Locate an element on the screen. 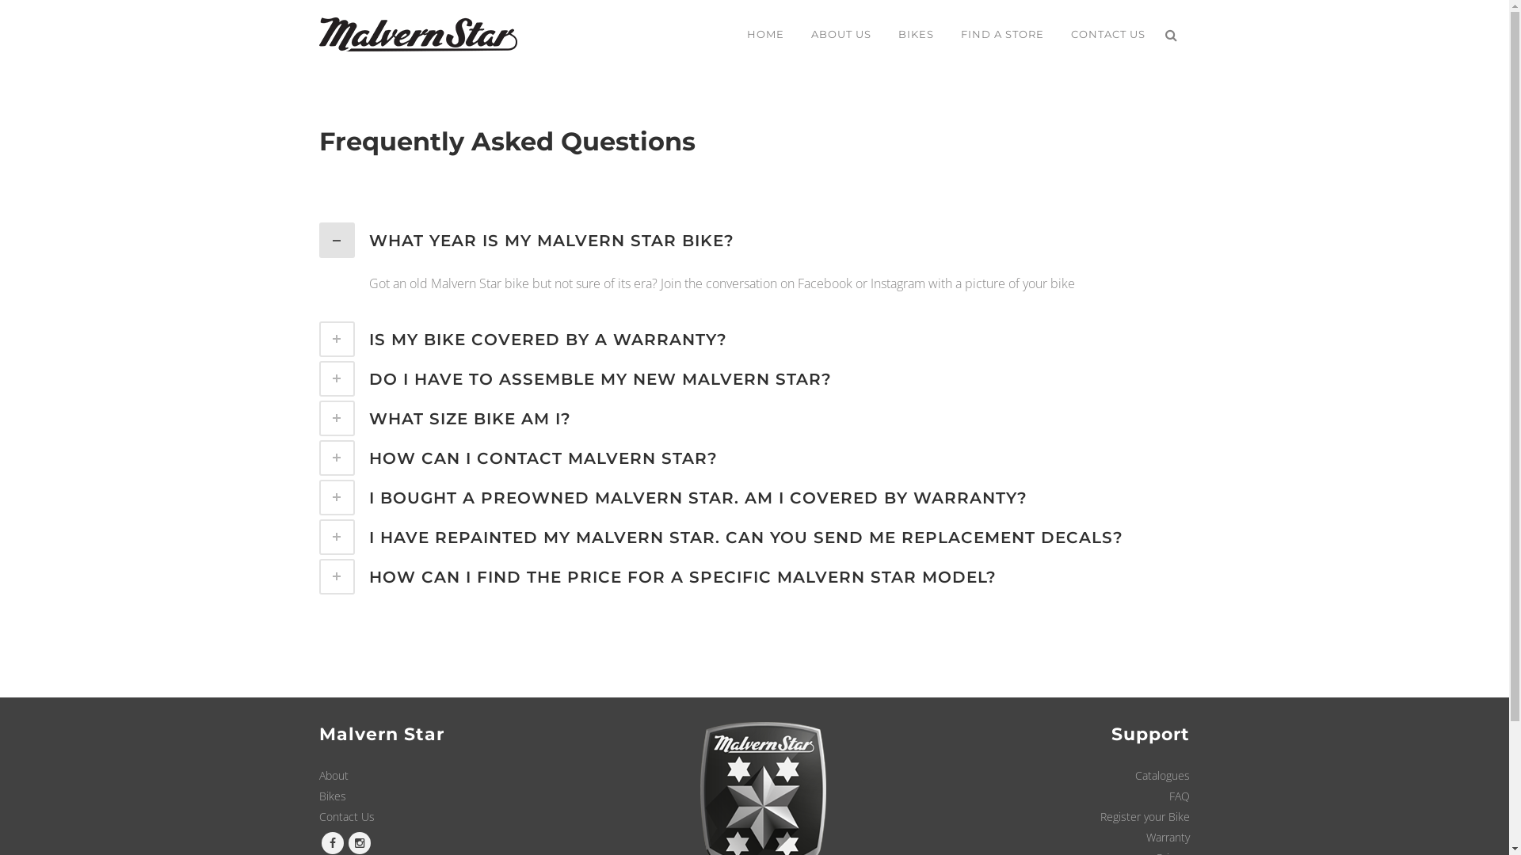 This screenshot has height=855, width=1521. 'HOME' is located at coordinates (765, 33).